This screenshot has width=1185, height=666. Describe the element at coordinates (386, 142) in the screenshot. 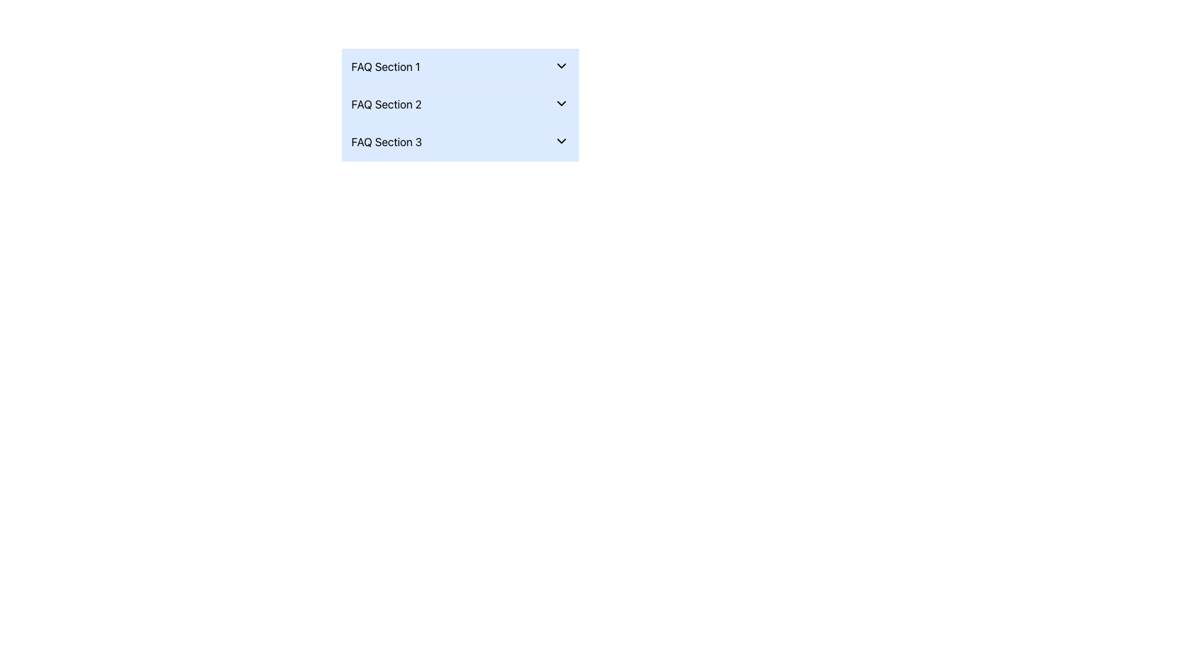

I see `the text label reading 'FAQ Section 3'` at that location.